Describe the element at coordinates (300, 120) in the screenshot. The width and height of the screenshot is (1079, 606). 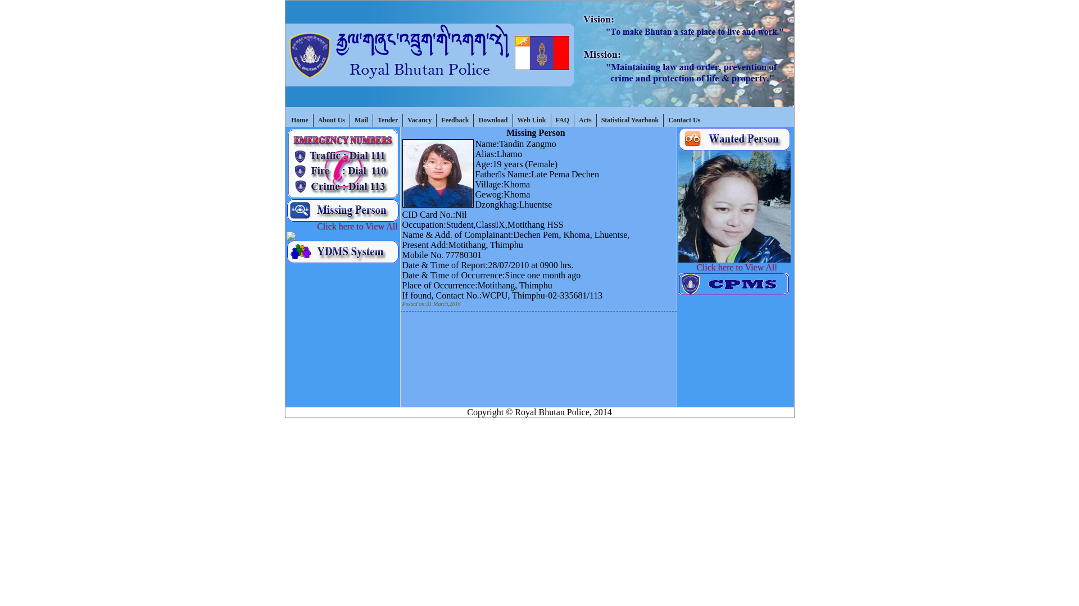
I see `'Home'` at that location.